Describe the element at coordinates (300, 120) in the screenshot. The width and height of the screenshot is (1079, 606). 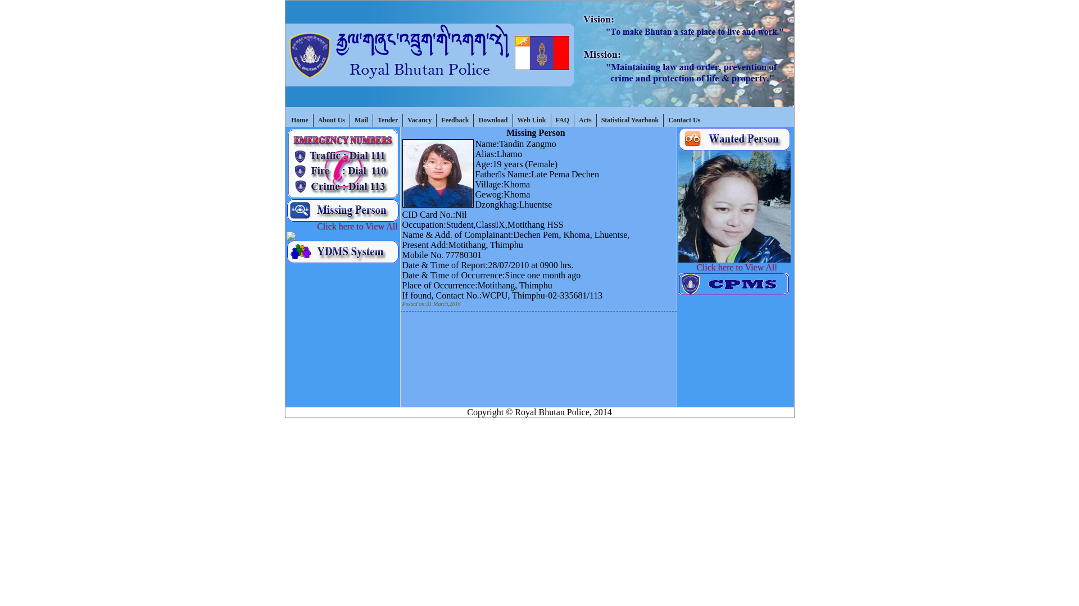
I see `'Home'` at that location.